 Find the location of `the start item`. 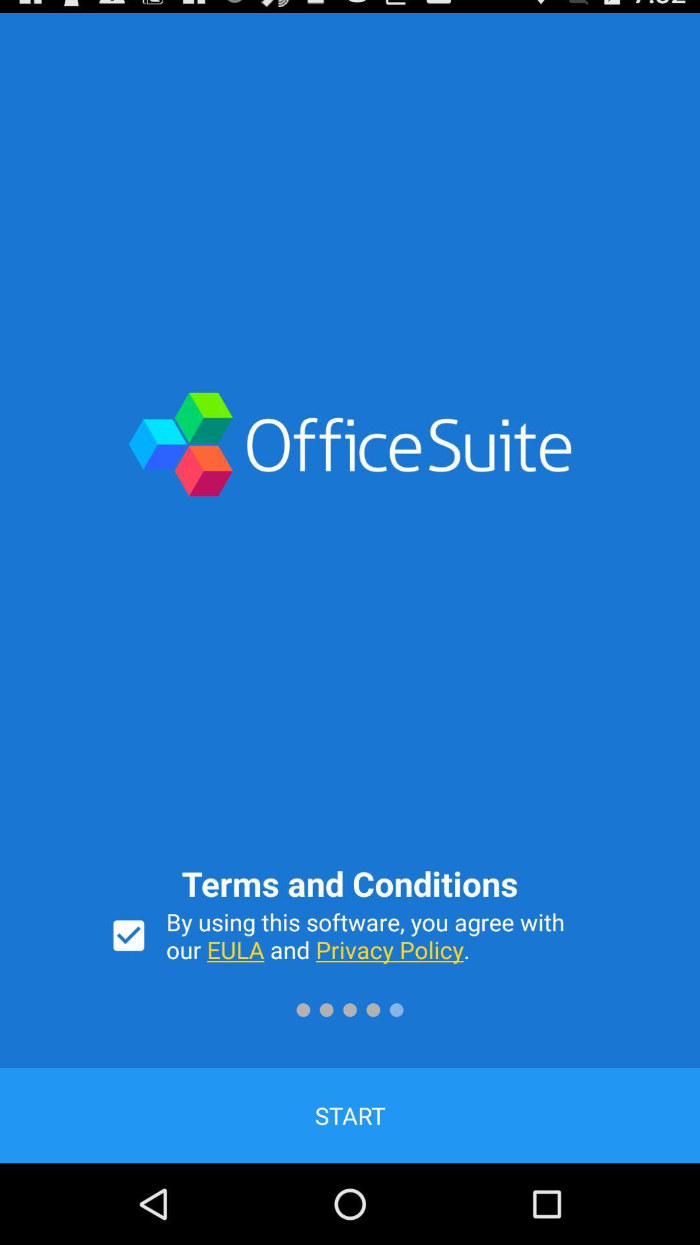

the start item is located at coordinates (350, 1115).